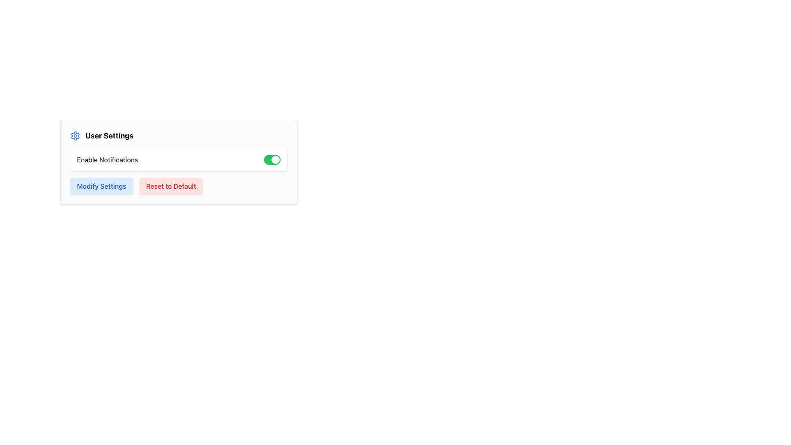 The width and height of the screenshot is (791, 445). I want to click on the toggle switch located below the 'User Settings' title to change its state from enabled, so click(178, 160).